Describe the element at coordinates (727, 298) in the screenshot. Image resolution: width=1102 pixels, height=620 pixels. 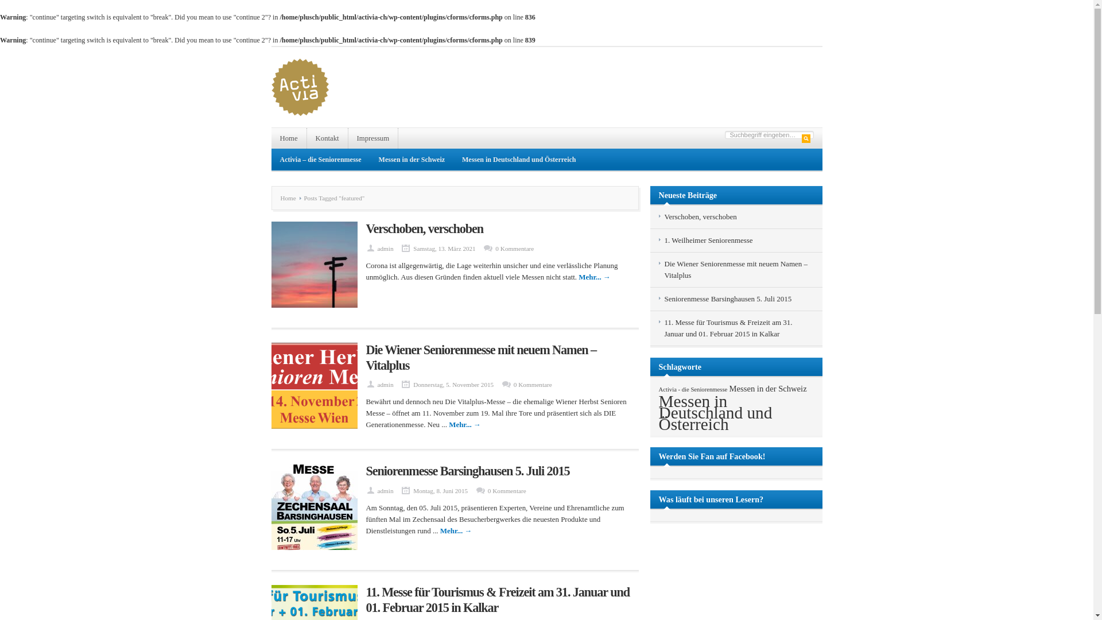
I see `'Seniorenmesse Barsinghausen 5. Juli 2015'` at that location.